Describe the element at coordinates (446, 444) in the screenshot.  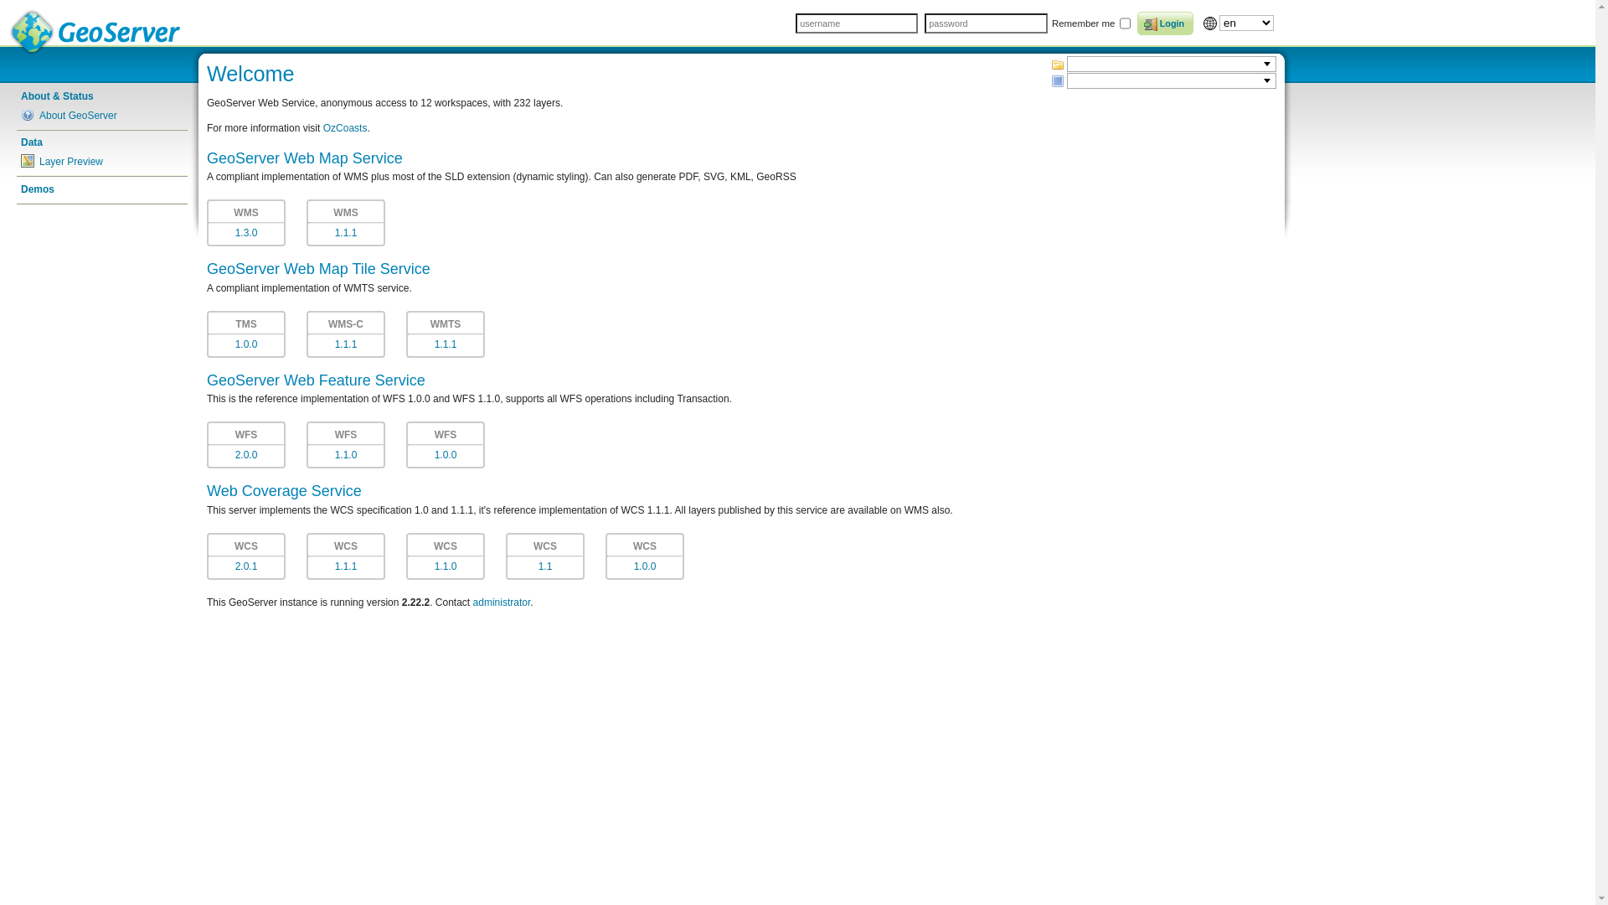
I see `'WFS` at that location.